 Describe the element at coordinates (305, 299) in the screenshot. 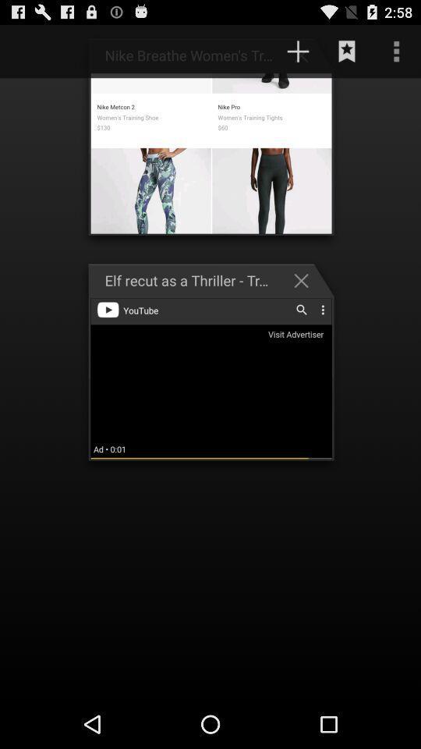

I see `the close icon` at that location.